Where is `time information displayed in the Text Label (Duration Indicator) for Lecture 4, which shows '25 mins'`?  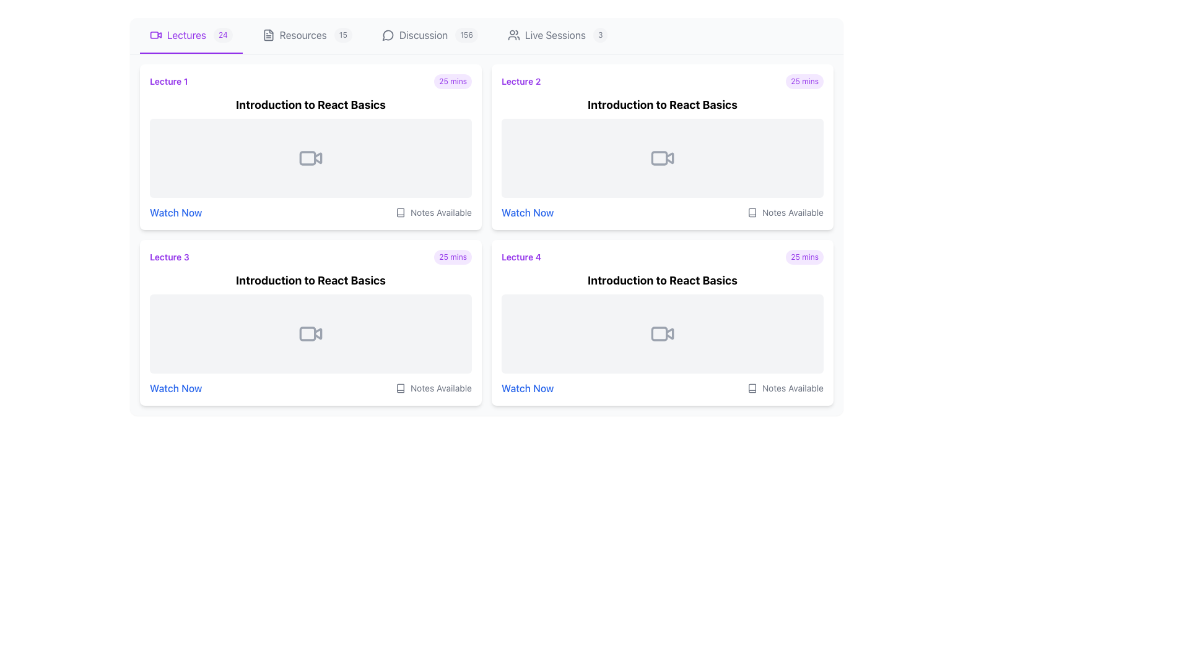
time information displayed in the Text Label (Duration Indicator) for Lecture 4, which shows '25 mins' is located at coordinates (804, 257).